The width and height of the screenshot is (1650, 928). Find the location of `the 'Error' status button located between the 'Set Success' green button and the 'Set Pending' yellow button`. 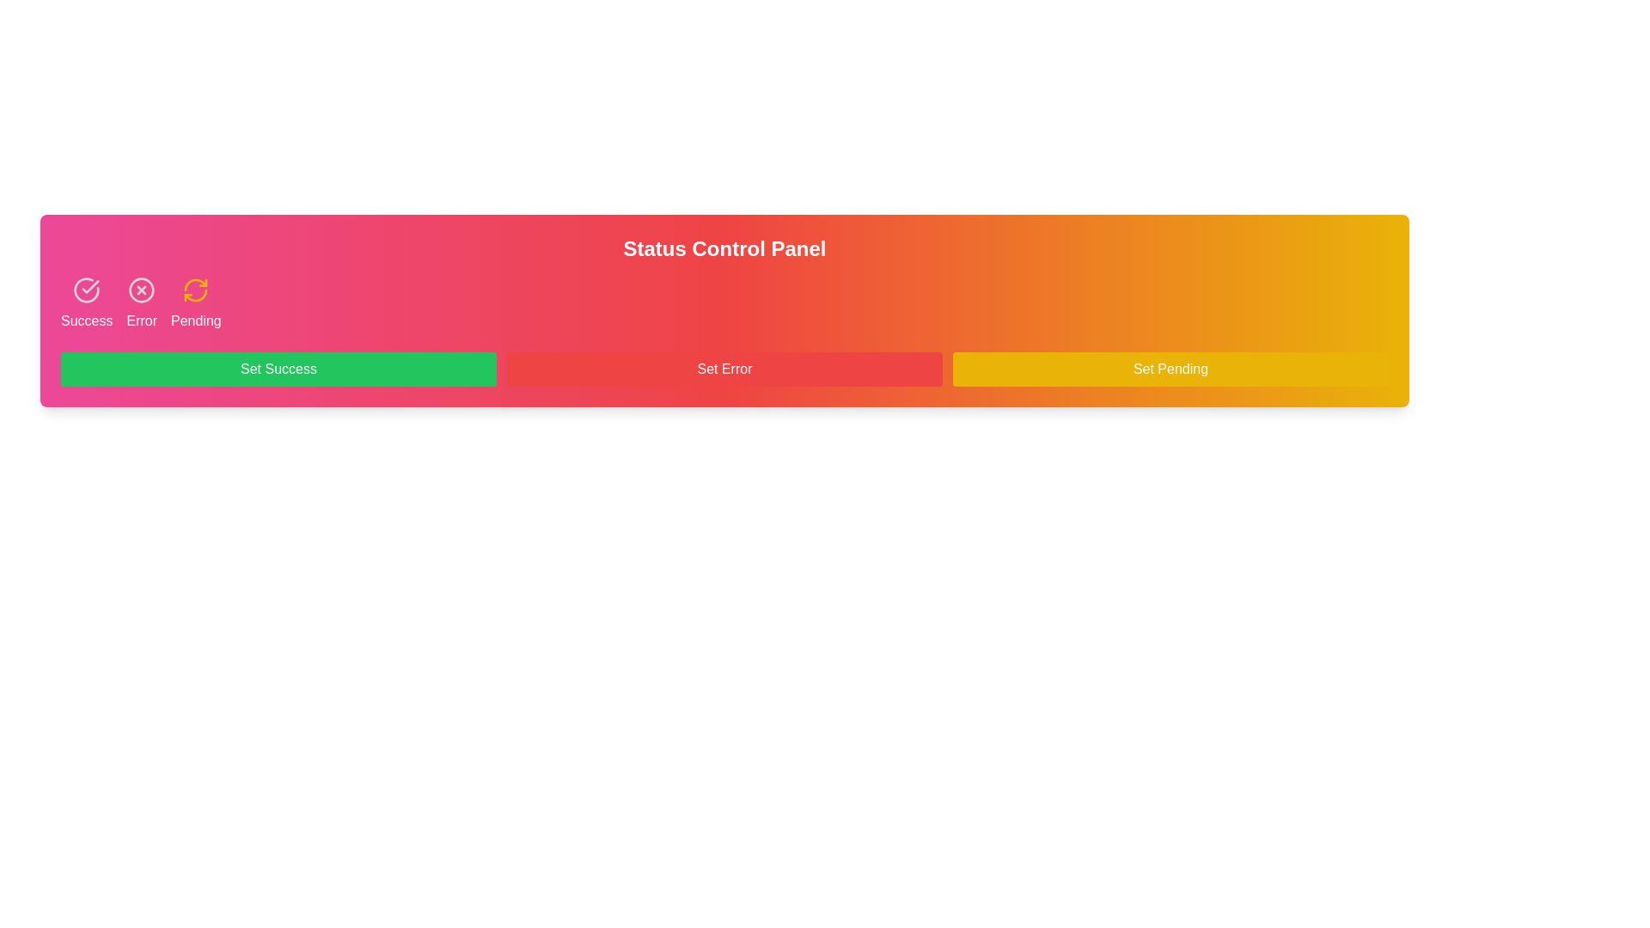

the 'Error' status button located between the 'Set Success' green button and the 'Set Pending' yellow button is located at coordinates (724, 368).